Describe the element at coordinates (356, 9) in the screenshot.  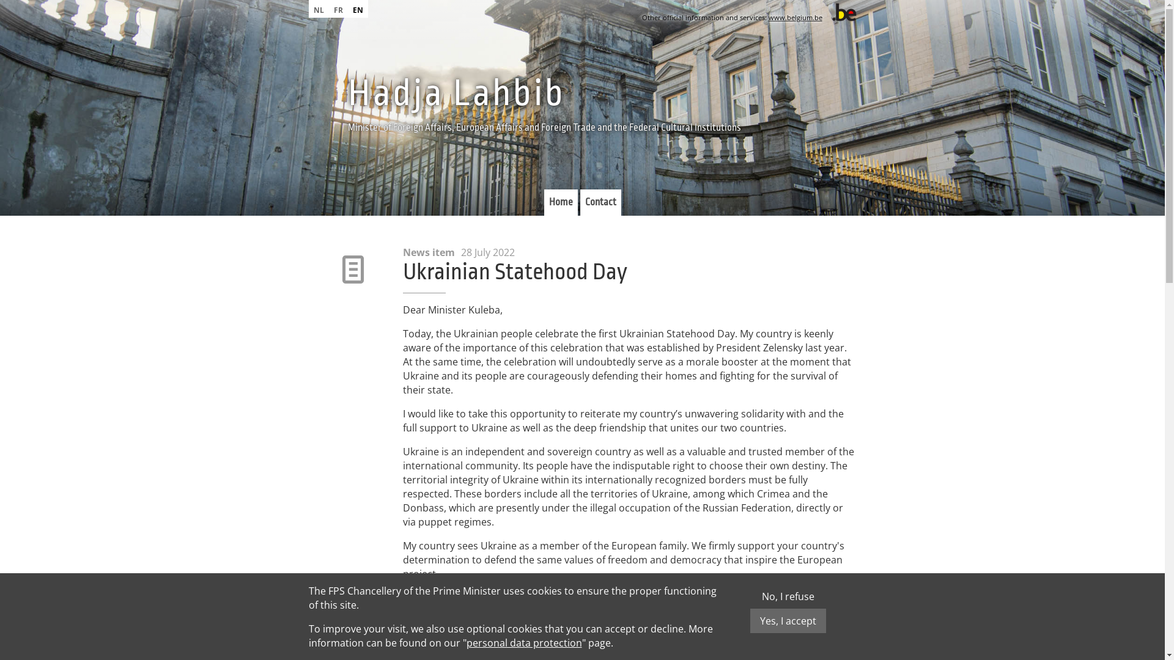
I see `'EN'` at that location.